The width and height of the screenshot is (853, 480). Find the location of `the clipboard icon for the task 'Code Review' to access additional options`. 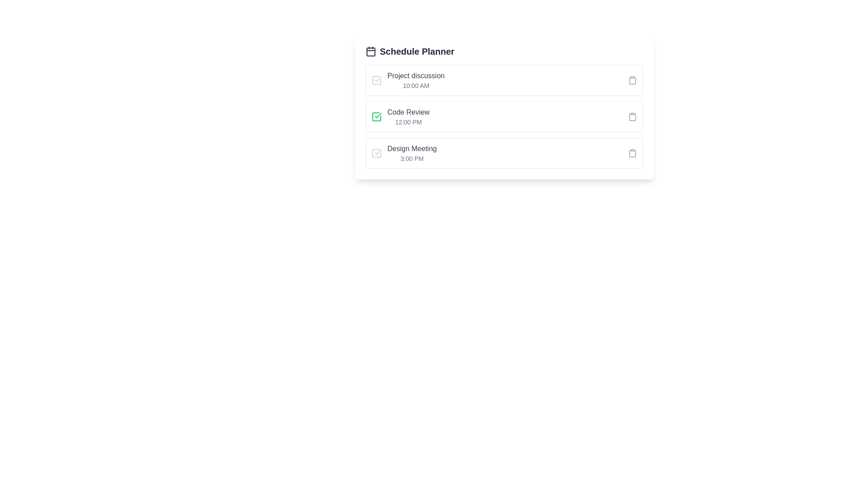

the clipboard icon for the task 'Code Review' to access additional options is located at coordinates (632, 116).